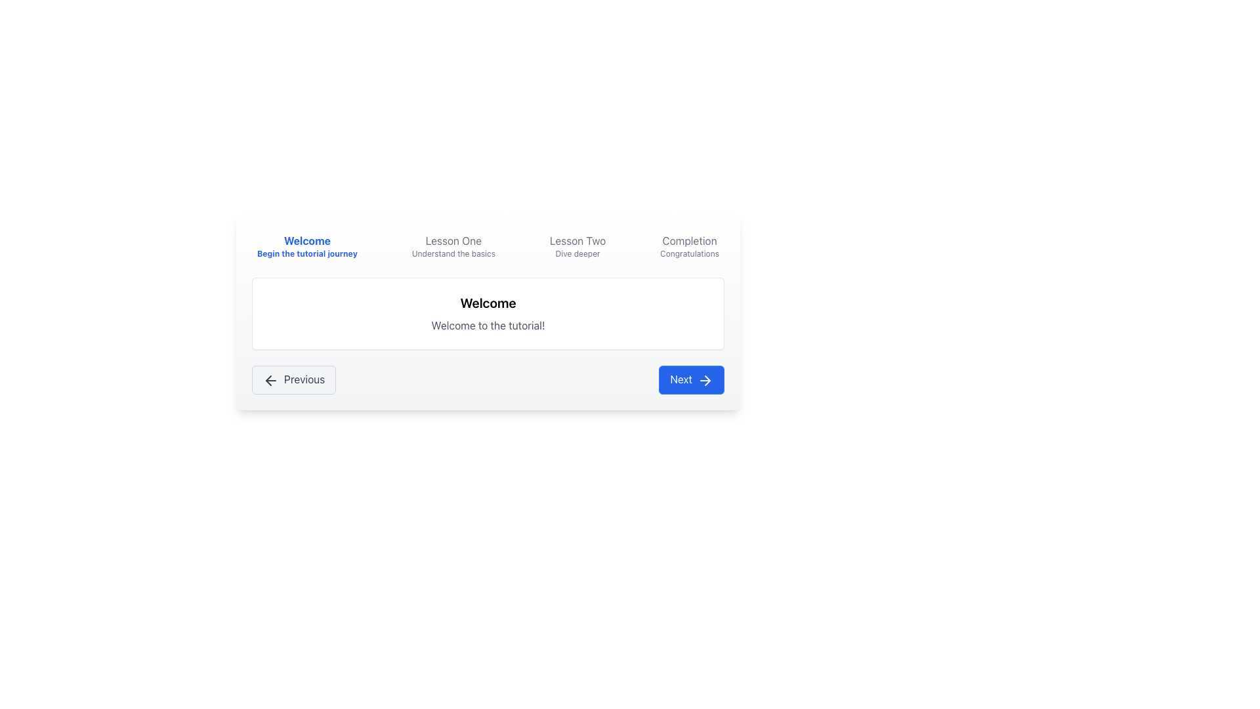  What do you see at coordinates (577, 246) in the screenshot?
I see `text of the Informational Text Block displaying 'Lesson Two' with 'Dive deeper' underneath it, which is the third item in a horizontal sequence of components` at bounding box center [577, 246].